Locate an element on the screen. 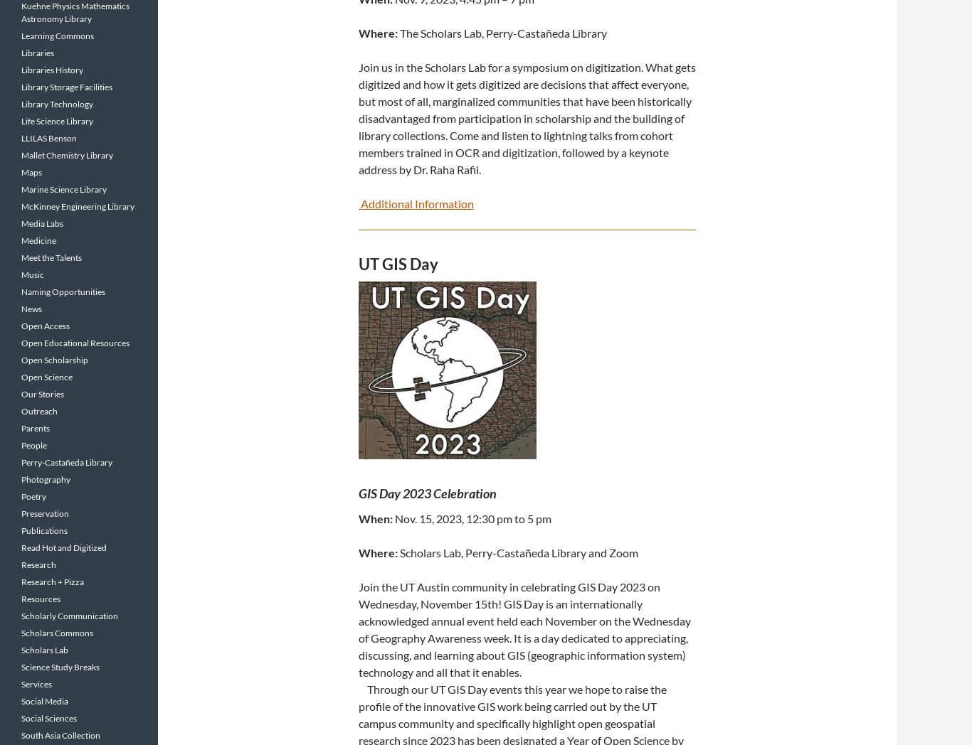 Image resolution: width=972 pixels, height=745 pixels. 'Open Educational Resources' is located at coordinates (75, 343).